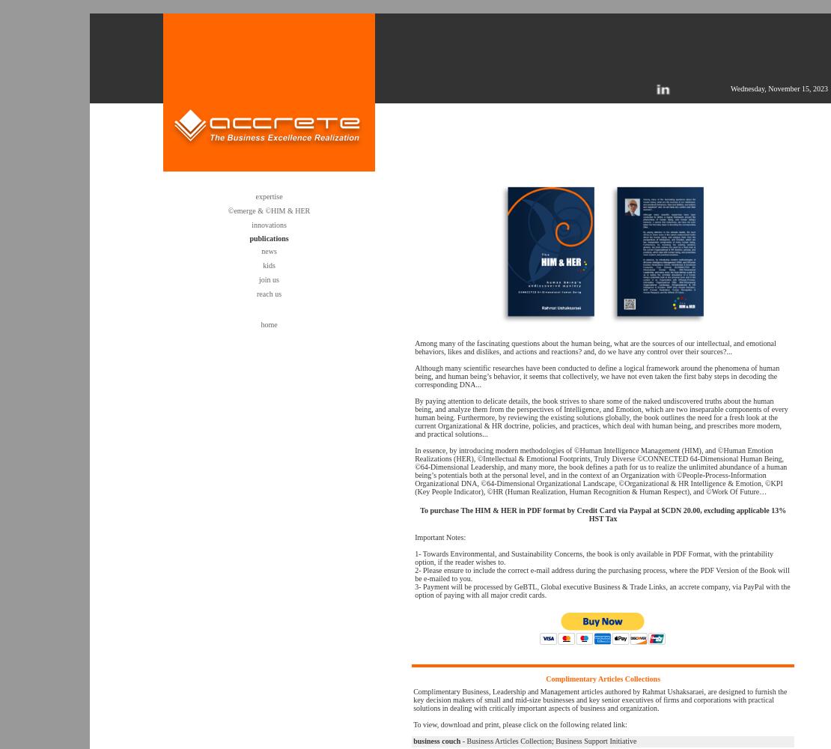  Describe the element at coordinates (268, 196) in the screenshot. I see `'expertise'` at that location.